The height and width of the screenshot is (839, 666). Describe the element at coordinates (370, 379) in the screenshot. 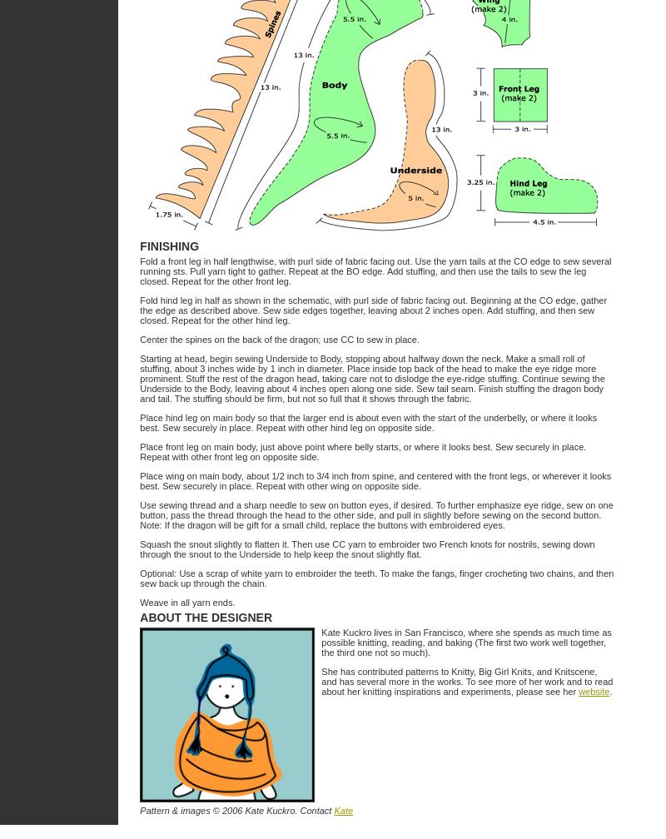

I see `'Starting at head, begin sewing 
                            Underside to Body, stopping about halfway down 
                            the neck. Make a small roll of stuffing, about 
                            3 inches wide by 1 inch in diameter. Place inside 
                            top back of the head to make the eye ridge more 
                            prominent. Stuff the rest of the dragon head, 
                            taking care not to dislodge the eye-ridge stuffing. 
                            Continue sewing the Underside to the Body, leaving 
                            about 4 inches open along one side. Sew tail 
                            seam. Finish stuffing the dragon body and tail. 
                            The stuffing should be firm, but not so full 
                            that it shows through the fabric.'` at that location.